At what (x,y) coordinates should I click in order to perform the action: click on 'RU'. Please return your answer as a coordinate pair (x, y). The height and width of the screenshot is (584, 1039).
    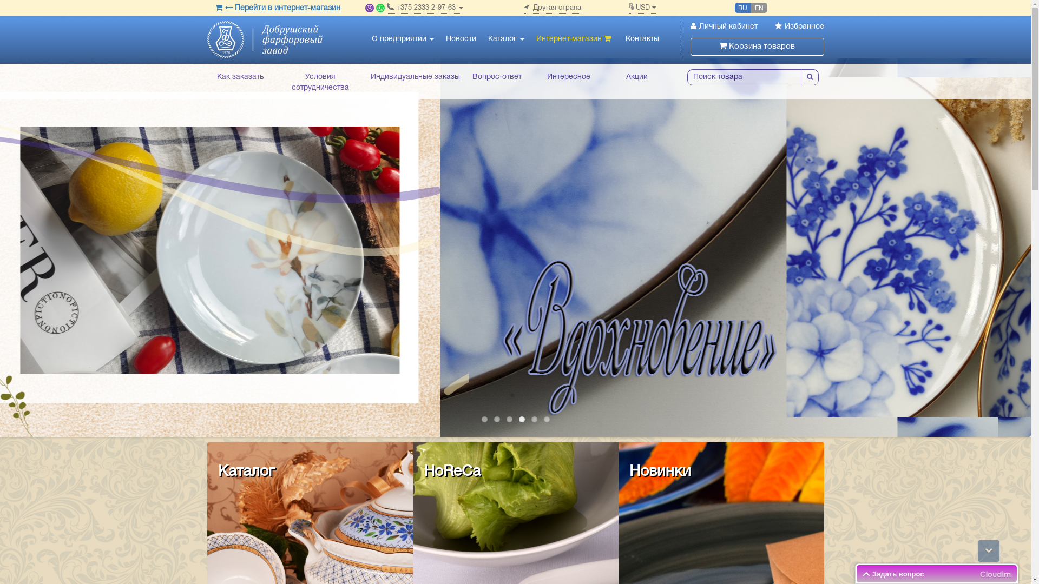
    Looking at the image, I should click on (742, 8).